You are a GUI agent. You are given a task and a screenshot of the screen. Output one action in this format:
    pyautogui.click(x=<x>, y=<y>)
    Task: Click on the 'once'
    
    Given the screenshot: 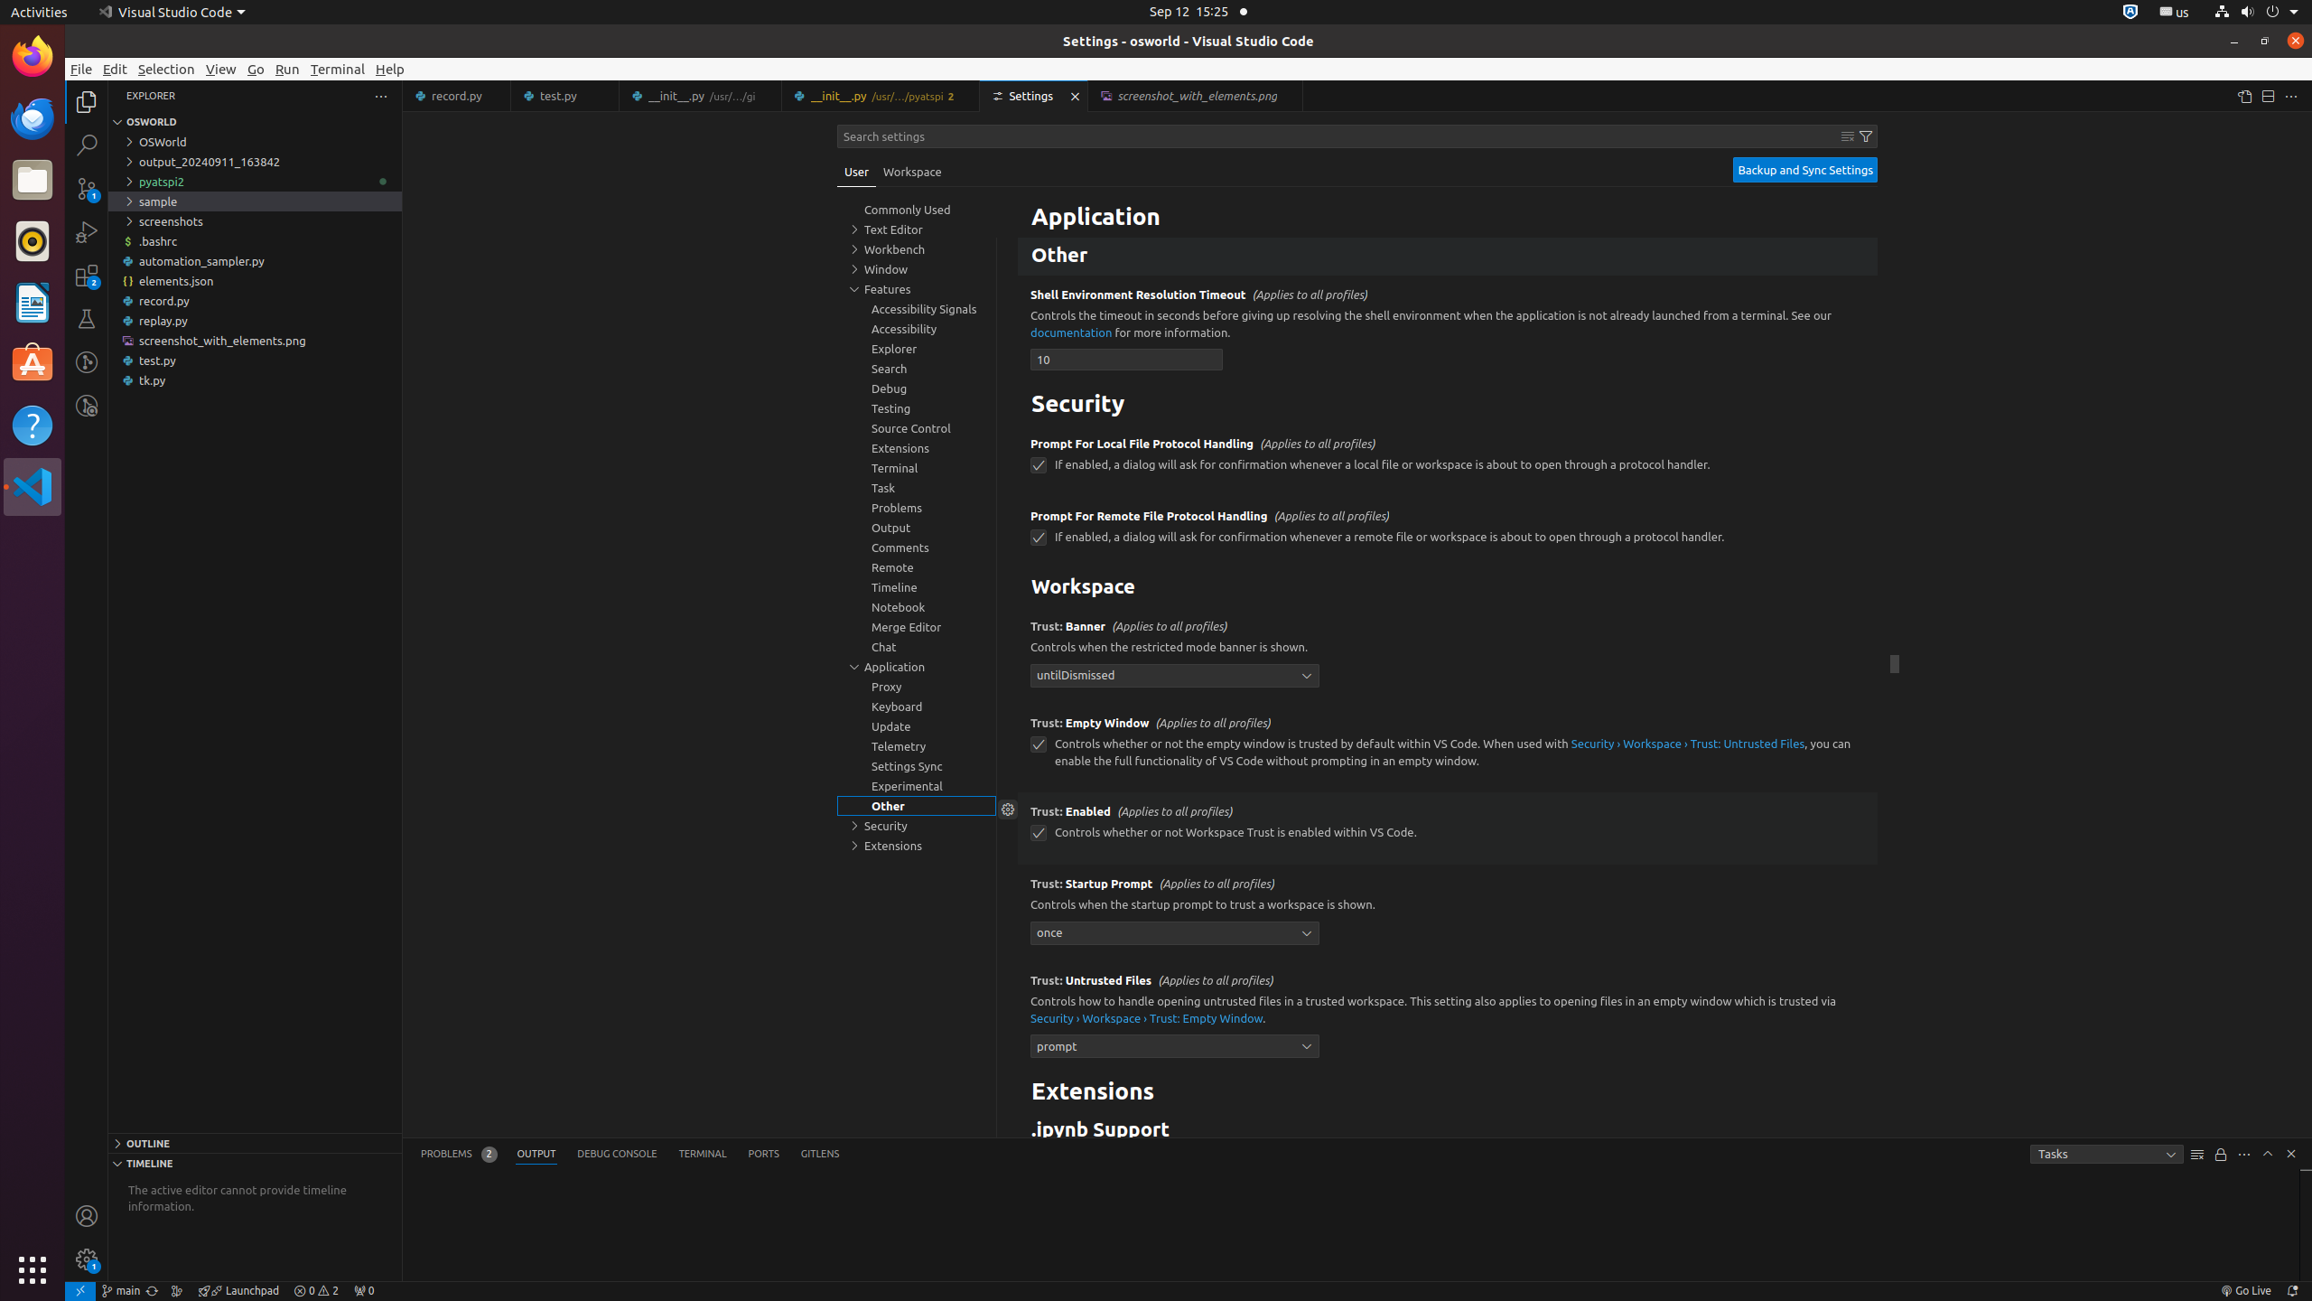 What is the action you would take?
    pyautogui.click(x=1174, y=931)
    